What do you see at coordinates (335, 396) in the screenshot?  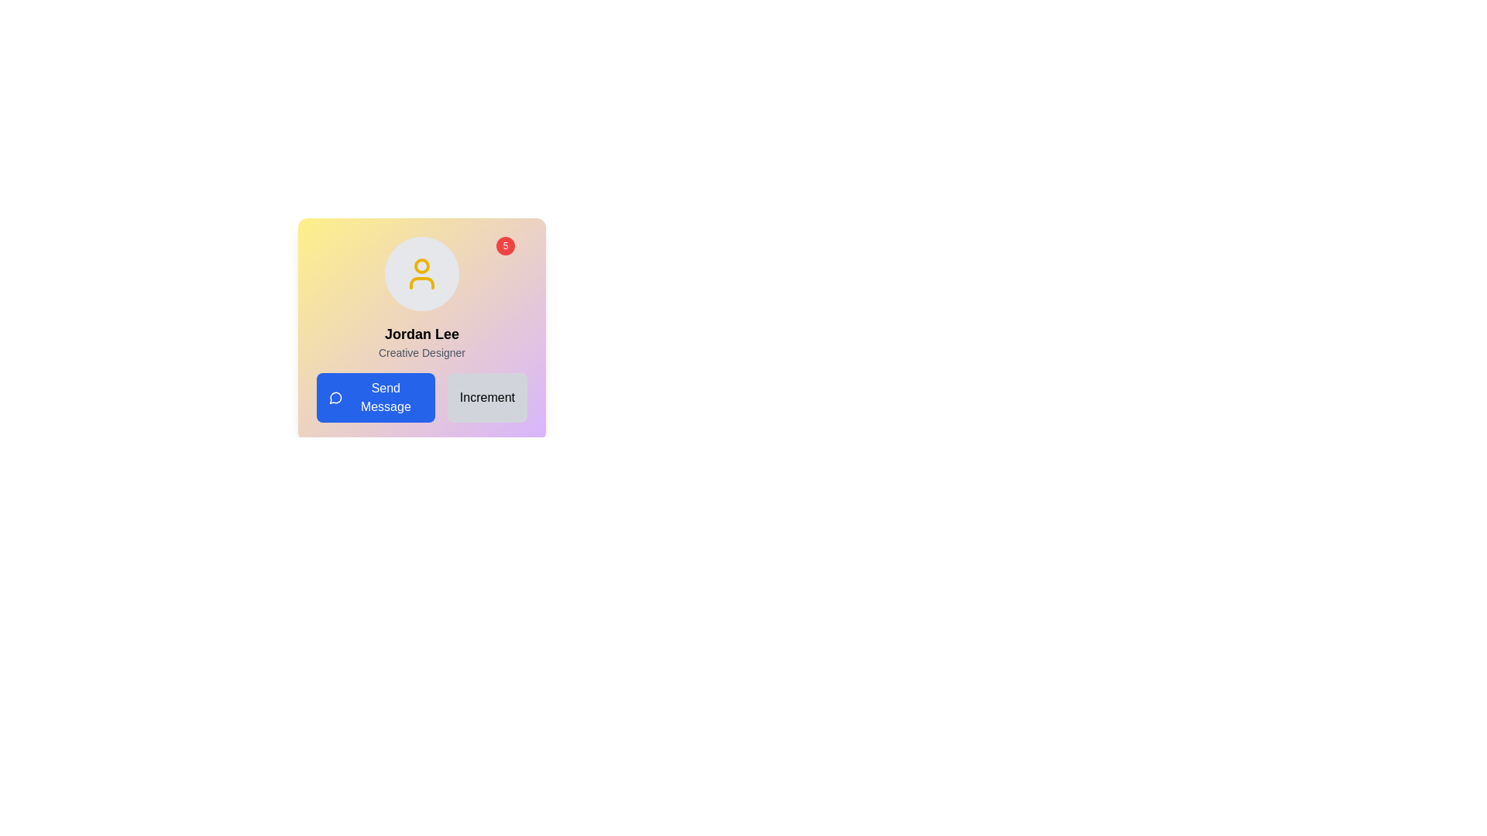 I see `the decorative icon within the 'Send Message' button, which is positioned on the left side of the button` at bounding box center [335, 396].